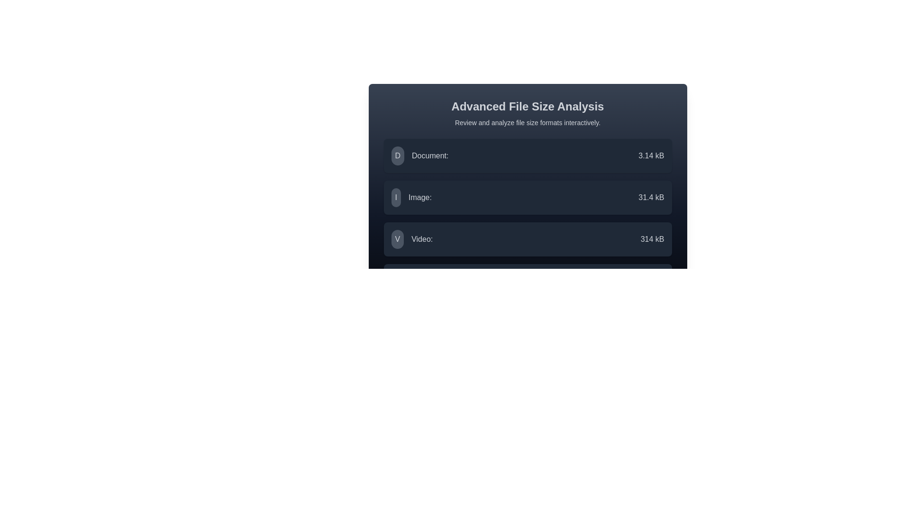 The height and width of the screenshot is (512, 910). What do you see at coordinates (421, 239) in the screenshot?
I see `the text label 'Video:' rendered in white font against a dark blue or grayish background, which is located in the third row of a vertically stacked list of document types` at bounding box center [421, 239].